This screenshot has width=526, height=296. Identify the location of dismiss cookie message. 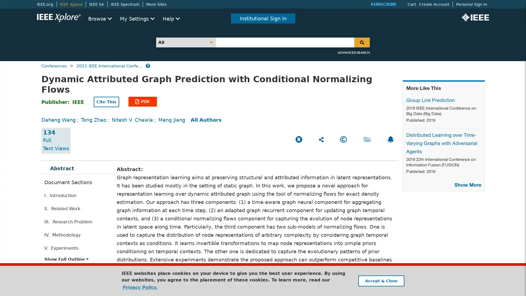
(381, 281).